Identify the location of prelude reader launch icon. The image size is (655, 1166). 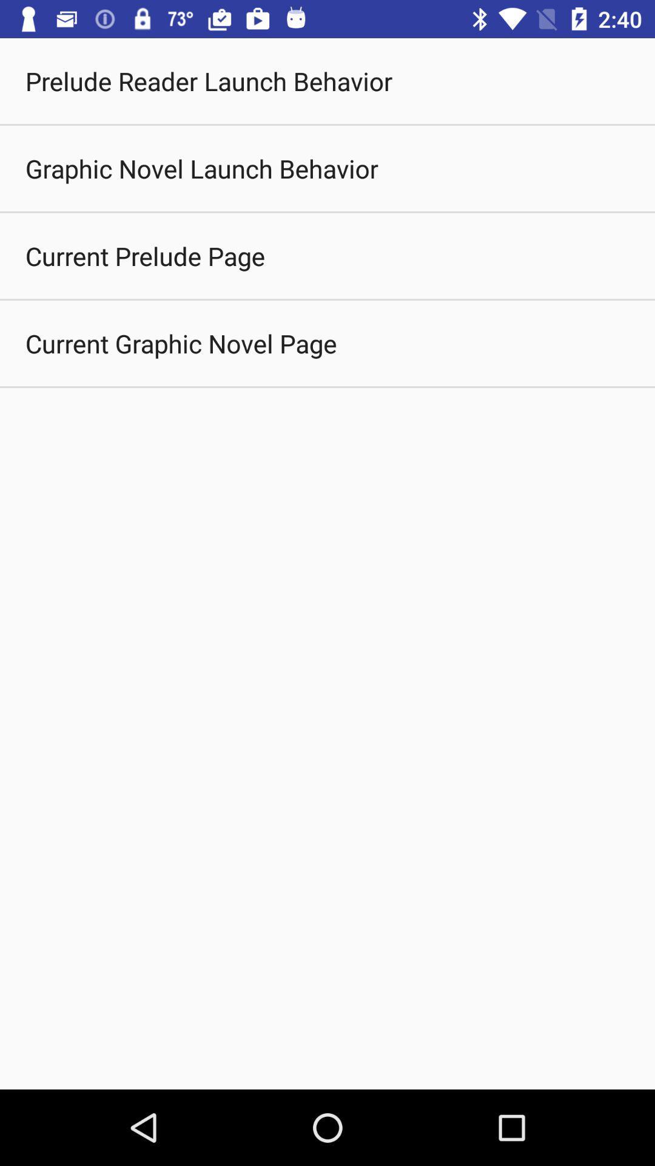
(208, 80).